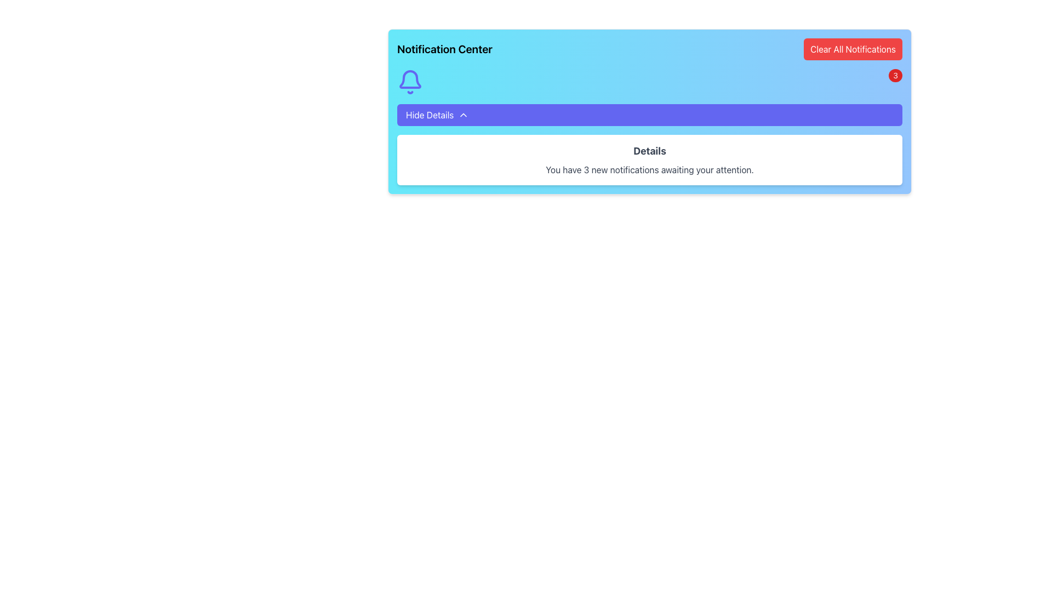 The height and width of the screenshot is (592, 1052). What do you see at coordinates (409, 79) in the screenshot?
I see `the graphical bell icon located near the top of the notification center panel, slightly to the left, featuring a modern vector-based design with clean outlines and subtle curves` at bounding box center [409, 79].